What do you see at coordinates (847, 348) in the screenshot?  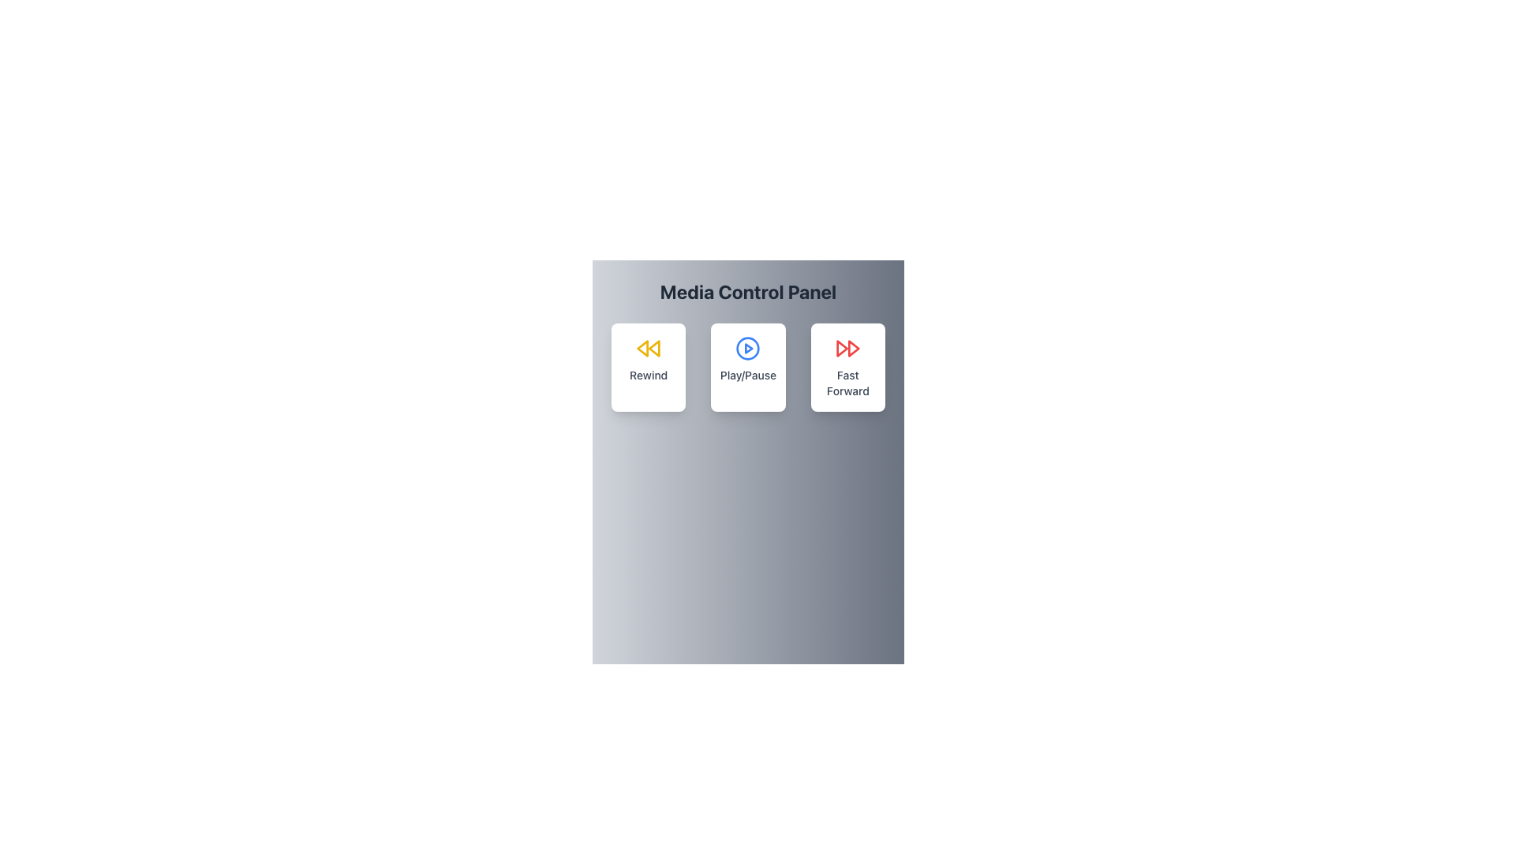 I see `the 'Fast Forward' icon, which is shaped like two red fast-forward arrows and is located at the top of the 'Fast Forward' card` at bounding box center [847, 348].